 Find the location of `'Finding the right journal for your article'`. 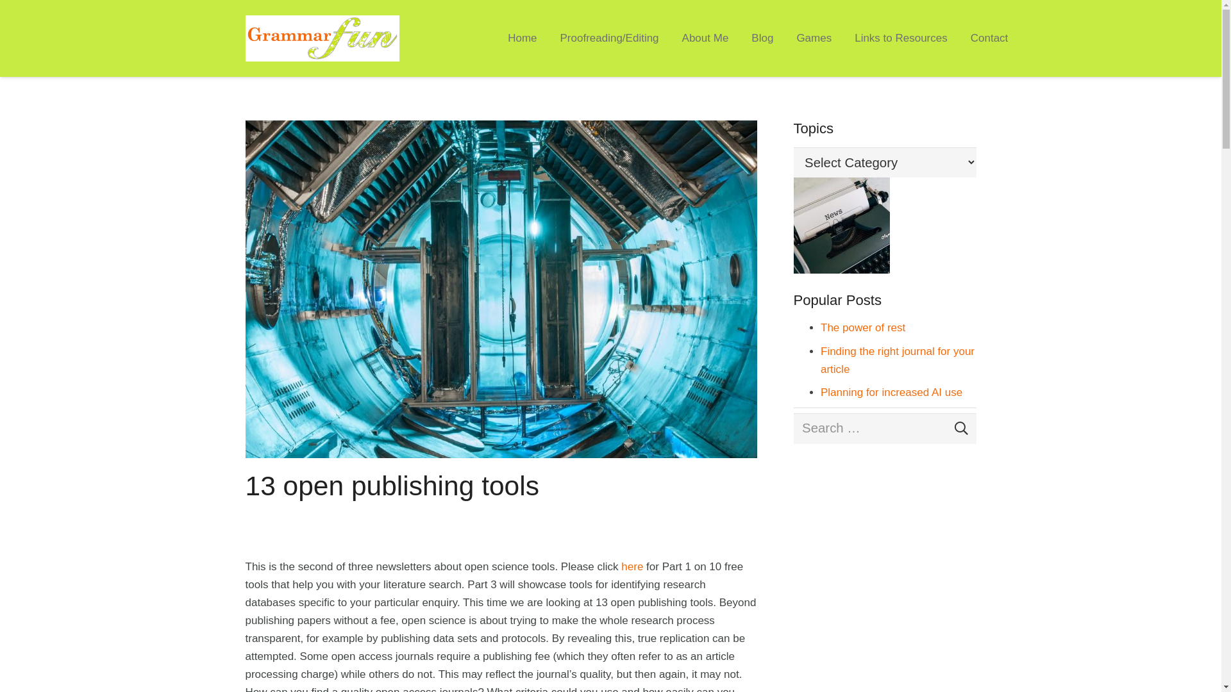

'Finding the right journal for your article' is located at coordinates (897, 360).